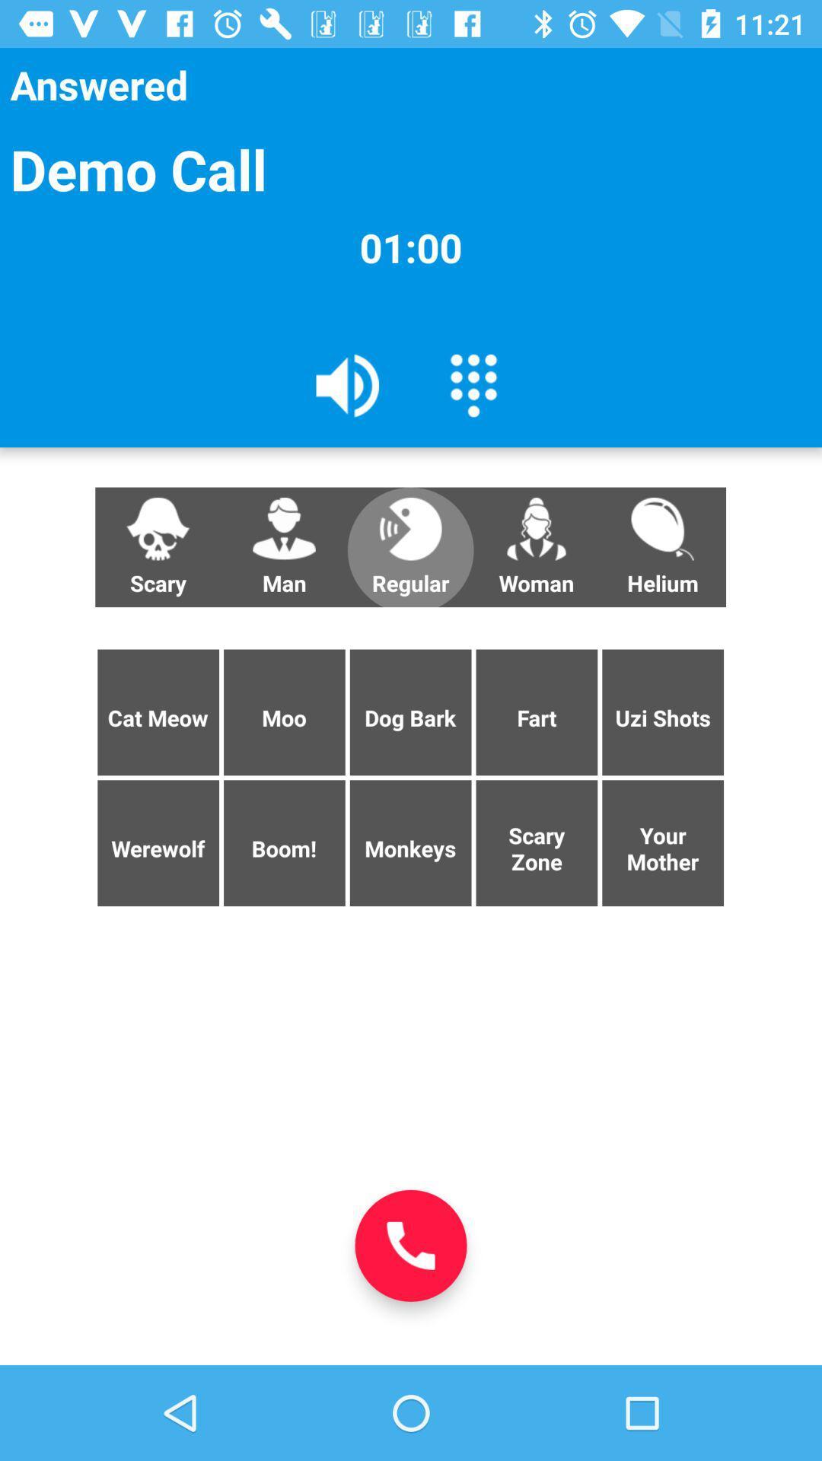 The image size is (822, 1461). Describe the element at coordinates (473, 384) in the screenshot. I see `the item below 01:00 app` at that location.